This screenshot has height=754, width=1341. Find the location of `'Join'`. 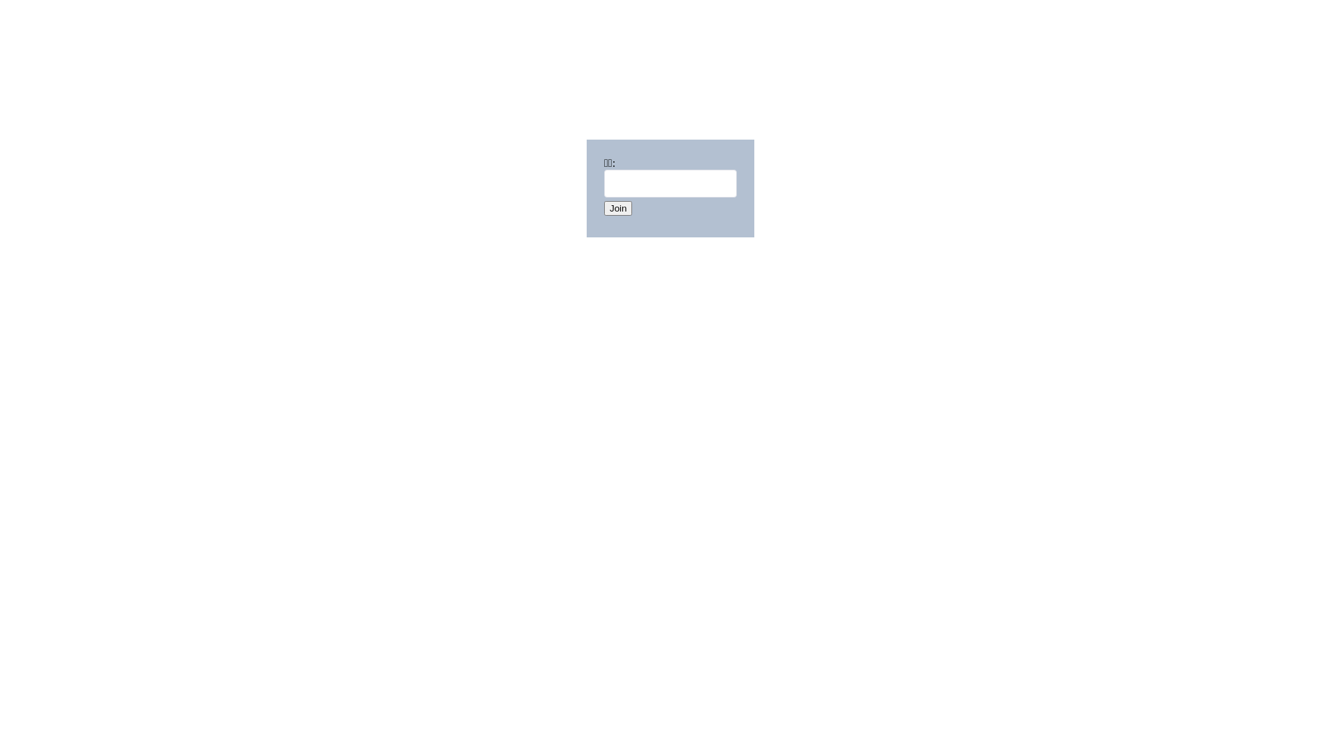

'Join' is located at coordinates (617, 208).